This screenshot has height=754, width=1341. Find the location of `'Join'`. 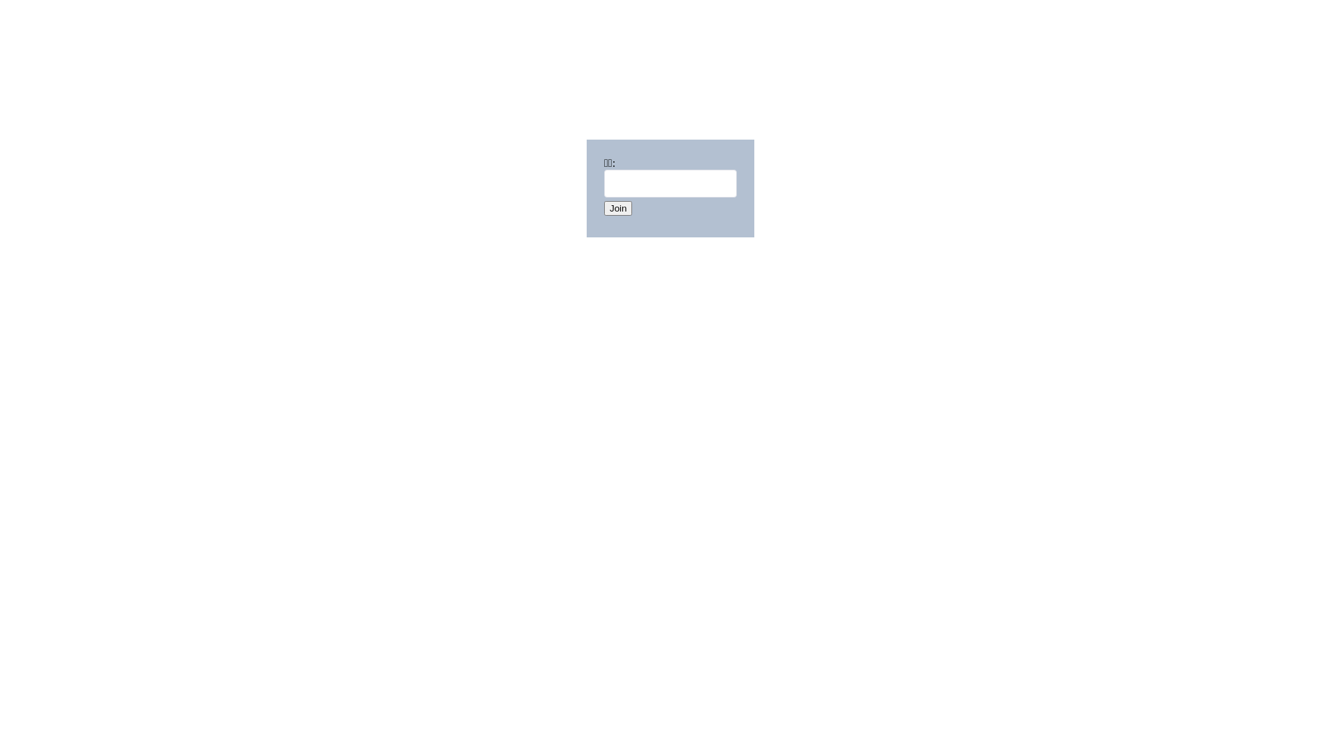

'Join' is located at coordinates (617, 208).